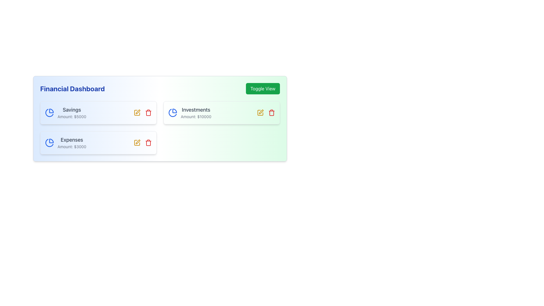 This screenshot has height=306, width=544. What do you see at coordinates (71, 112) in the screenshot?
I see `text displayed in the Text Display Component, which includes the title 'Savings' and the secondary text 'Amount: $5000', located below the 'Financial Dashboard' label and to the right of a blue circular pie chart icon` at bounding box center [71, 112].